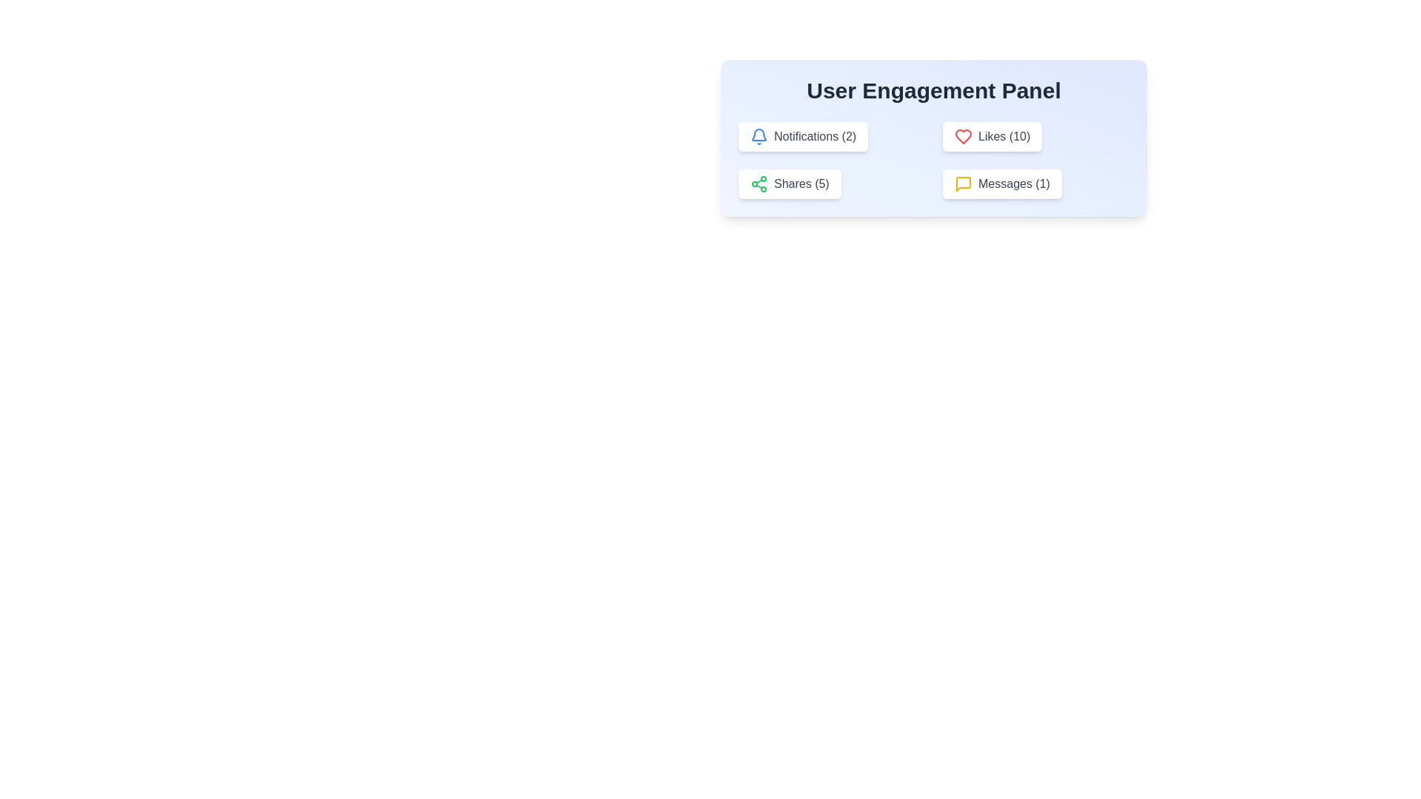 The width and height of the screenshot is (1421, 799). What do you see at coordinates (801, 183) in the screenshot?
I see `the text label displaying 'Shares (5)' which is located in the bottom-left corner of the User Engagement Panel, between the 'Notifications (2)' button and the 'Messages (1)' button` at bounding box center [801, 183].